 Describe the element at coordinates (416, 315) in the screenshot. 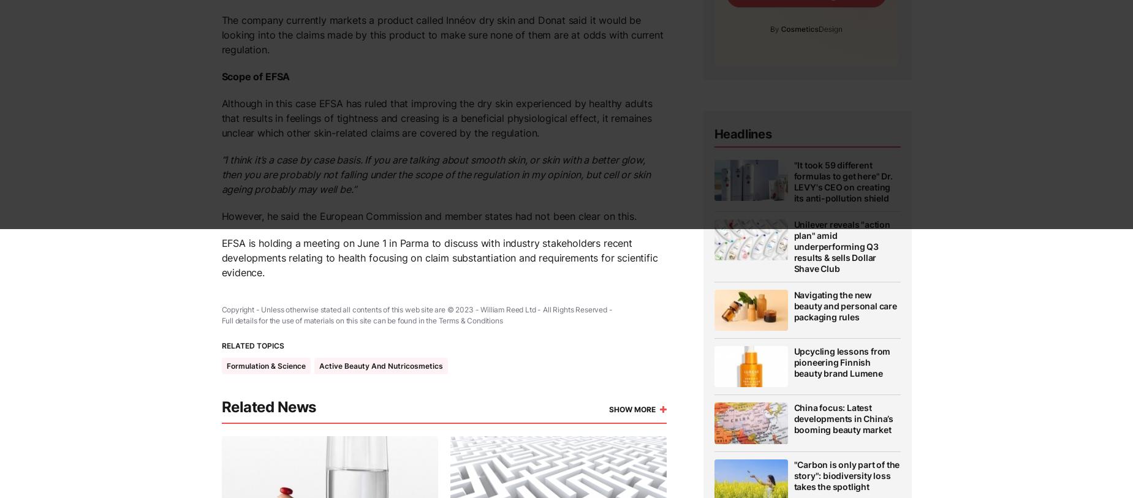

I see `'Copyright - Unless otherwise stated all contents of this web site are © 2023 - William Reed Ltd - All Rights Reserved - Full details for the use of materials on this site can be found in the'` at that location.